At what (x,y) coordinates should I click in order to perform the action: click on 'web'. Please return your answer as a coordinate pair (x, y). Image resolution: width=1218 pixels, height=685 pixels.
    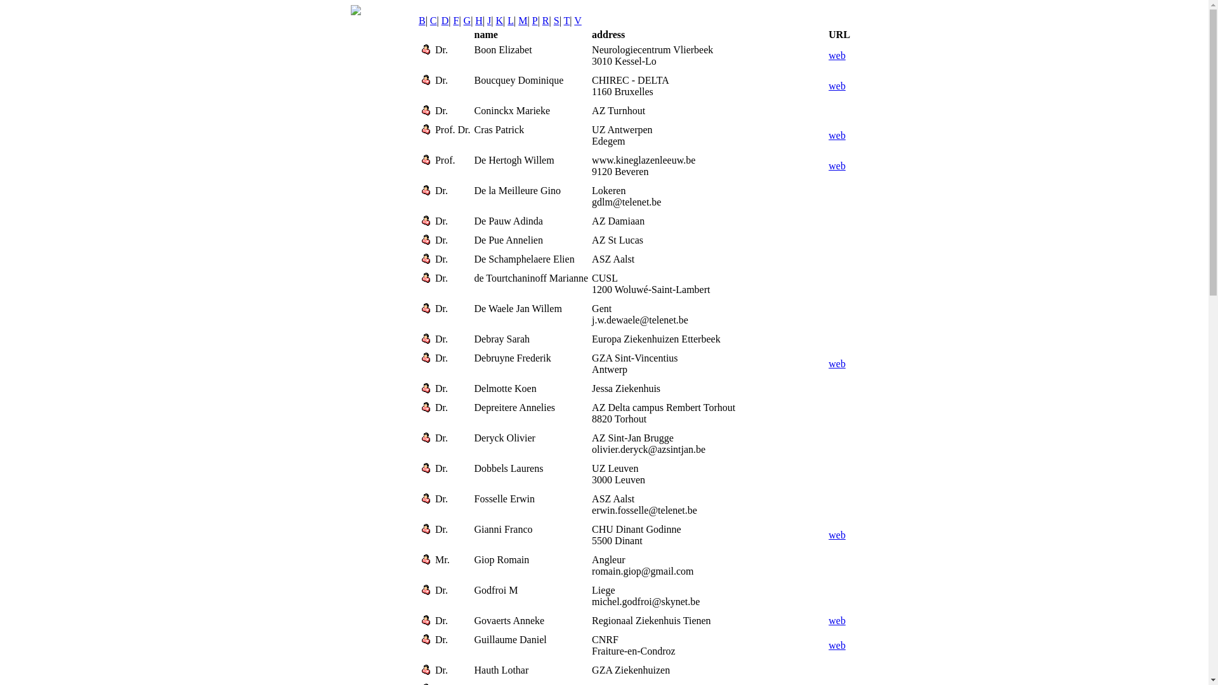
    Looking at the image, I should click on (837, 86).